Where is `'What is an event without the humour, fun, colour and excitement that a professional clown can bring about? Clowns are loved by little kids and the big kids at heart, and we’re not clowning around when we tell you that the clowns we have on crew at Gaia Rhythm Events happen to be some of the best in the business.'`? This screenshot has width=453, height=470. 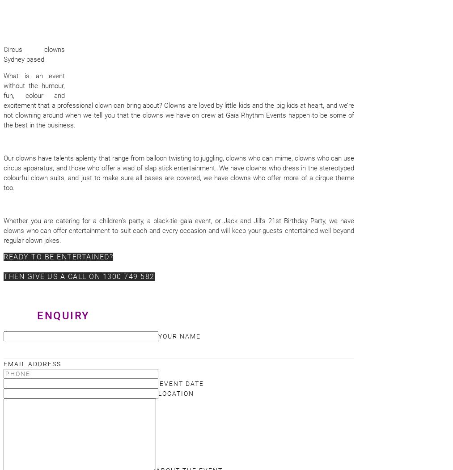
'What is an event without the humour, fun, colour and excitement that a professional clown can bring about? Clowns are loved by little kids and the big kids at heart, and we’re not clowning around when we tell you that the clowns we have on crew at Gaia Rhythm Events happen to be some of the best in the business.' is located at coordinates (179, 100).